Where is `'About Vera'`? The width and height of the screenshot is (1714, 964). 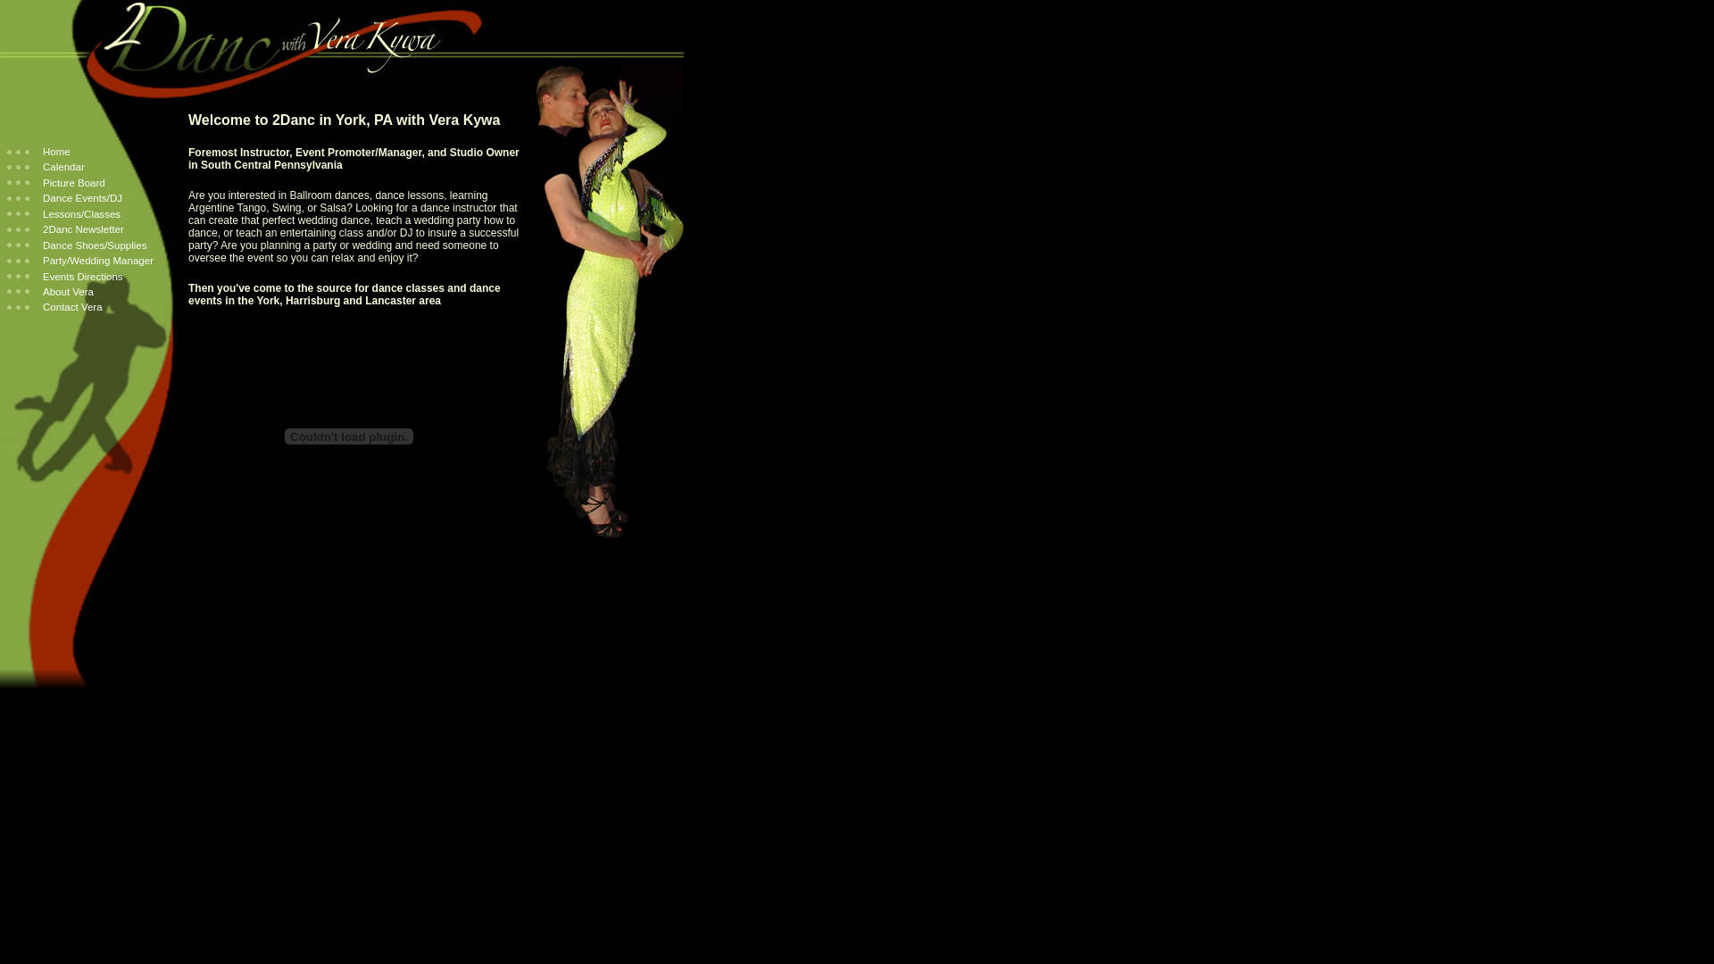 'About Vera' is located at coordinates (50, 291).